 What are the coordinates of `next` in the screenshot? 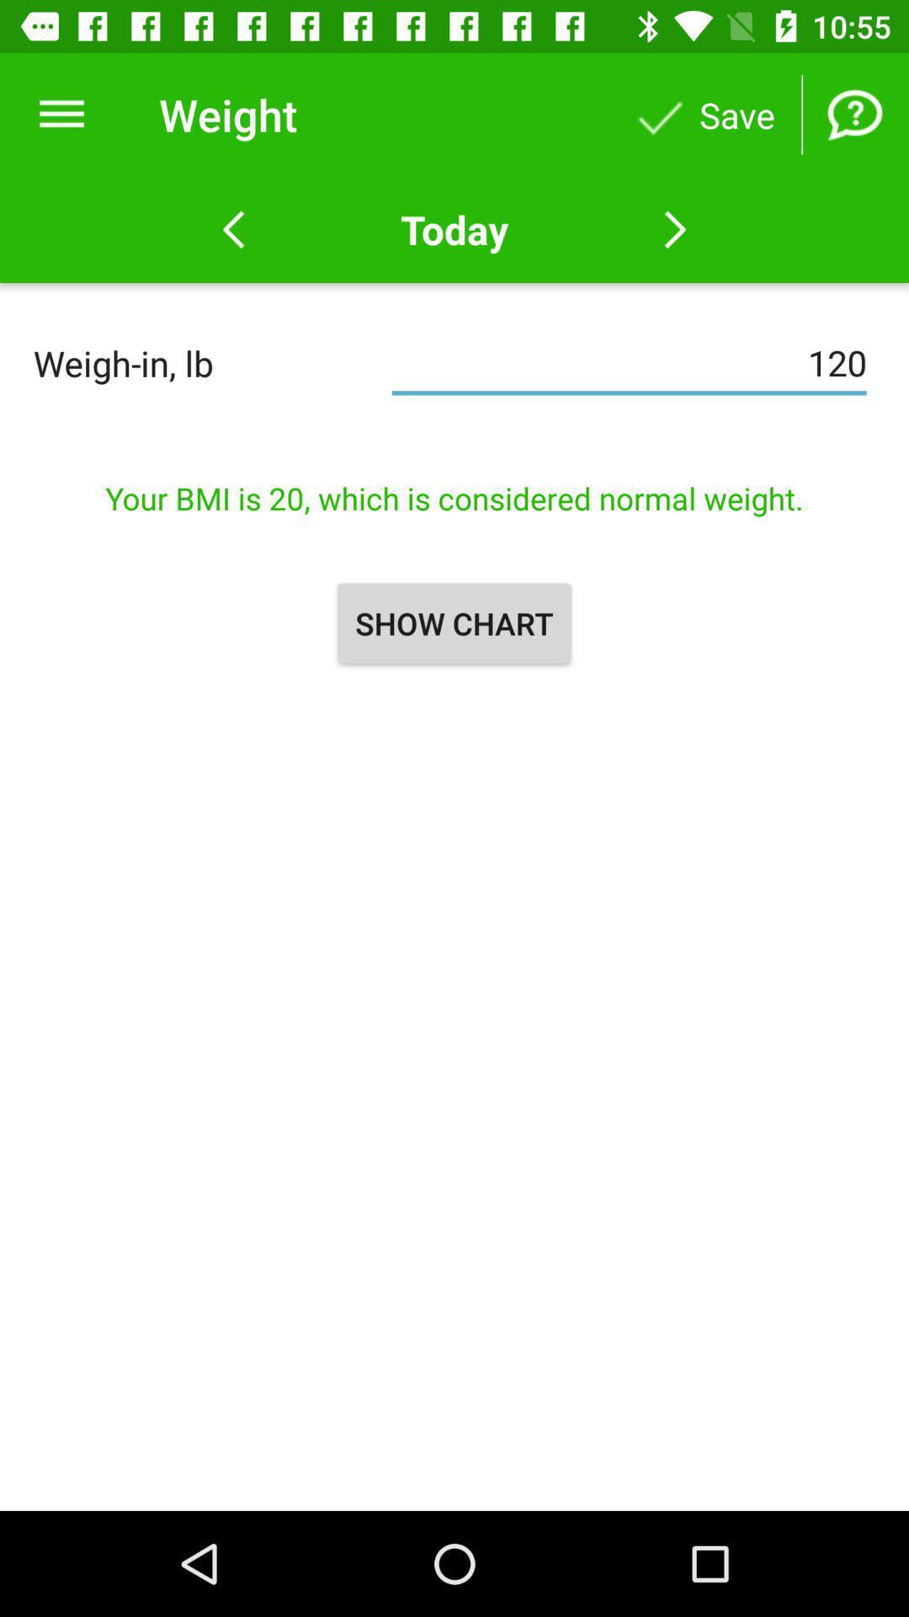 It's located at (674, 229).